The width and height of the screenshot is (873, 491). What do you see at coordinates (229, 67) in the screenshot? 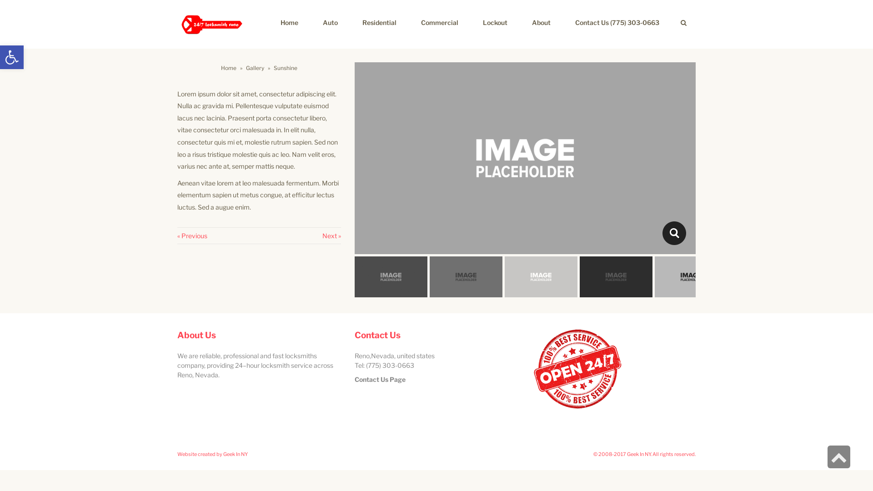
I see `'Home'` at bounding box center [229, 67].